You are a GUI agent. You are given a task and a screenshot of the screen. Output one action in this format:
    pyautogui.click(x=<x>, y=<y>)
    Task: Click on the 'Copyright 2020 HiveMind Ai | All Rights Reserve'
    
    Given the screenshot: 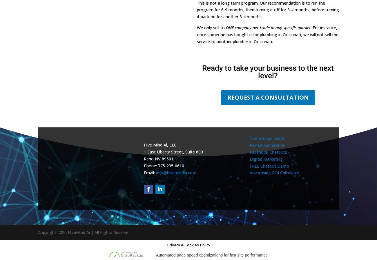 What is the action you would take?
    pyautogui.click(x=83, y=232)
    